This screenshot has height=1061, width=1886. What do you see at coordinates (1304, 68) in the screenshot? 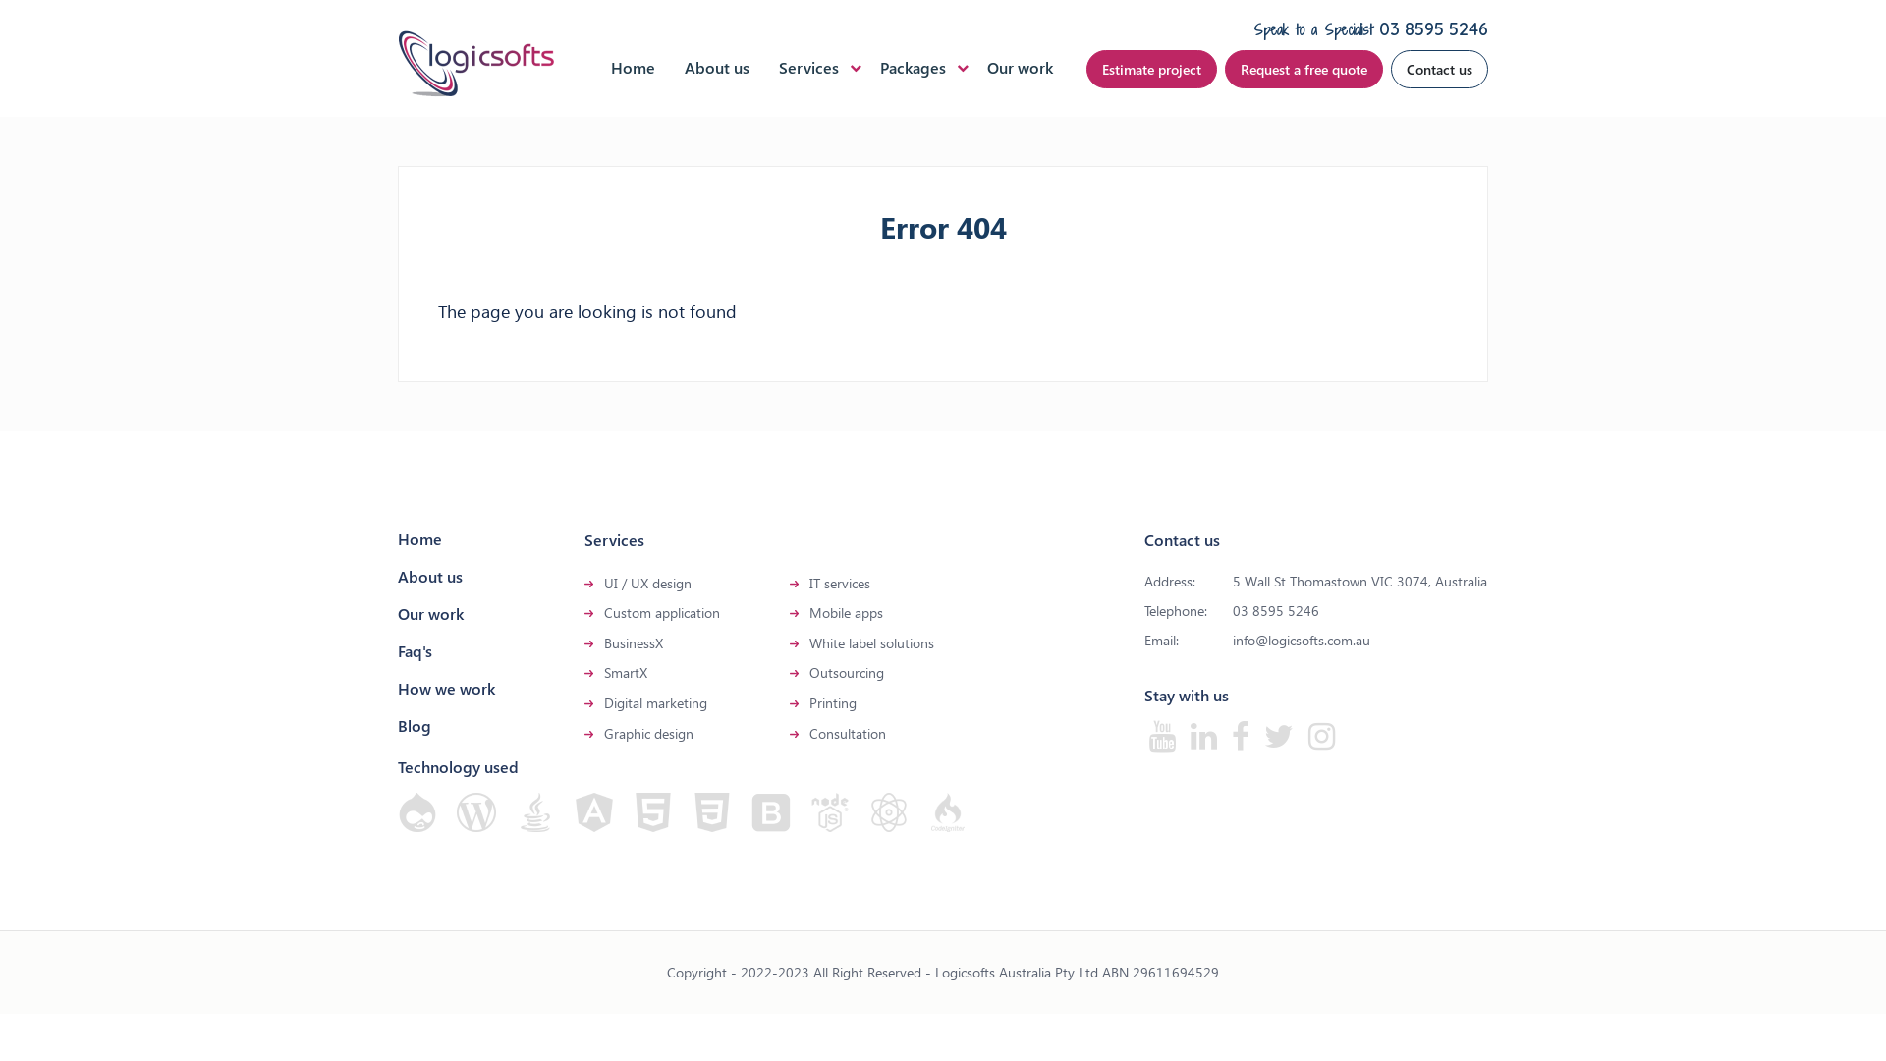
I see `'Request a free quote'` at bounding box center [1304, 68].